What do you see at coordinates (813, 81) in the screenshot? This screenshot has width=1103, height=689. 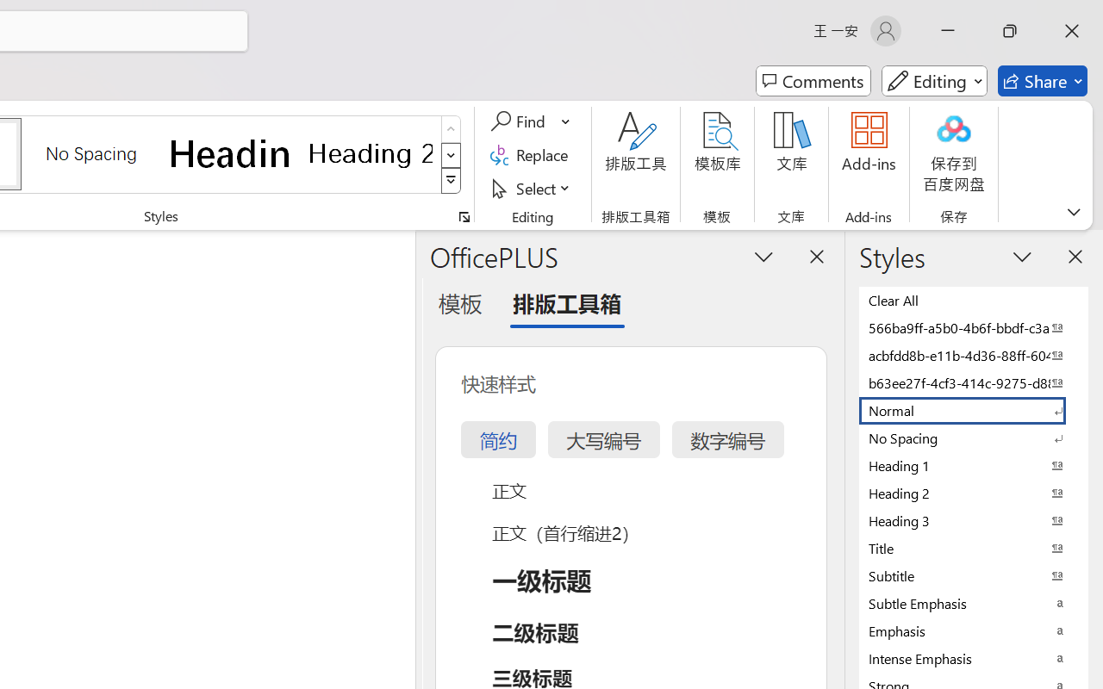 I see `'Comments'` at bounding box center [813, 81].